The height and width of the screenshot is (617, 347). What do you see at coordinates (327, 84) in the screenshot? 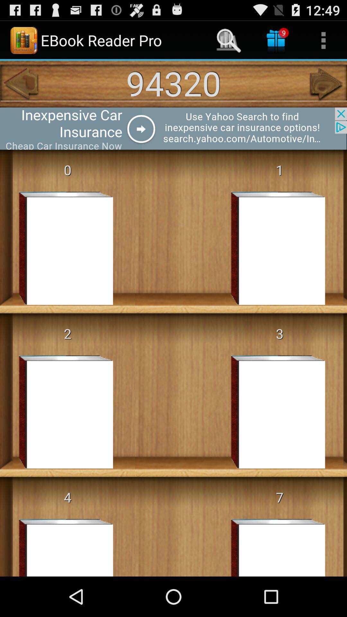
I see `the icon next to 94320 app` at bounding box center [327, 84].